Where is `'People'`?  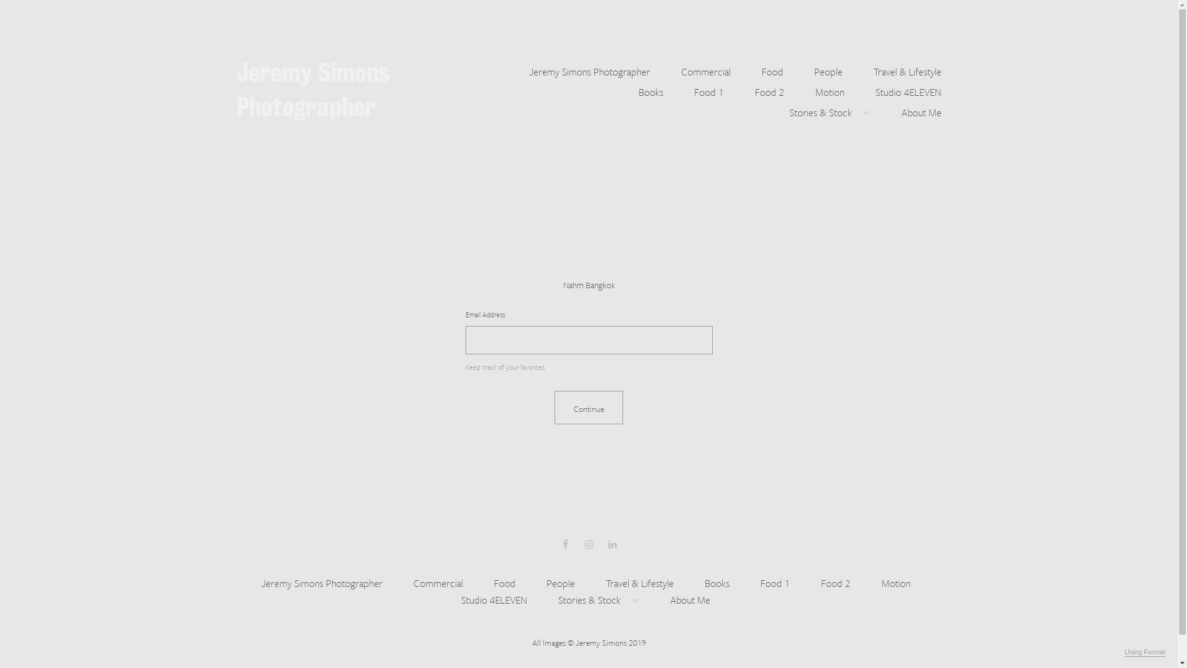 'People' is located at coordinates (545, 581).